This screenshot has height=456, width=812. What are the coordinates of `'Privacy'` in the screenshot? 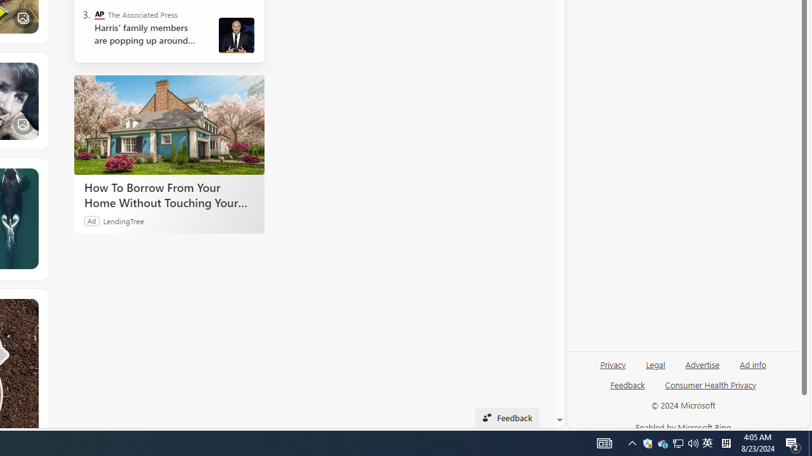 It's located at (613, 369).